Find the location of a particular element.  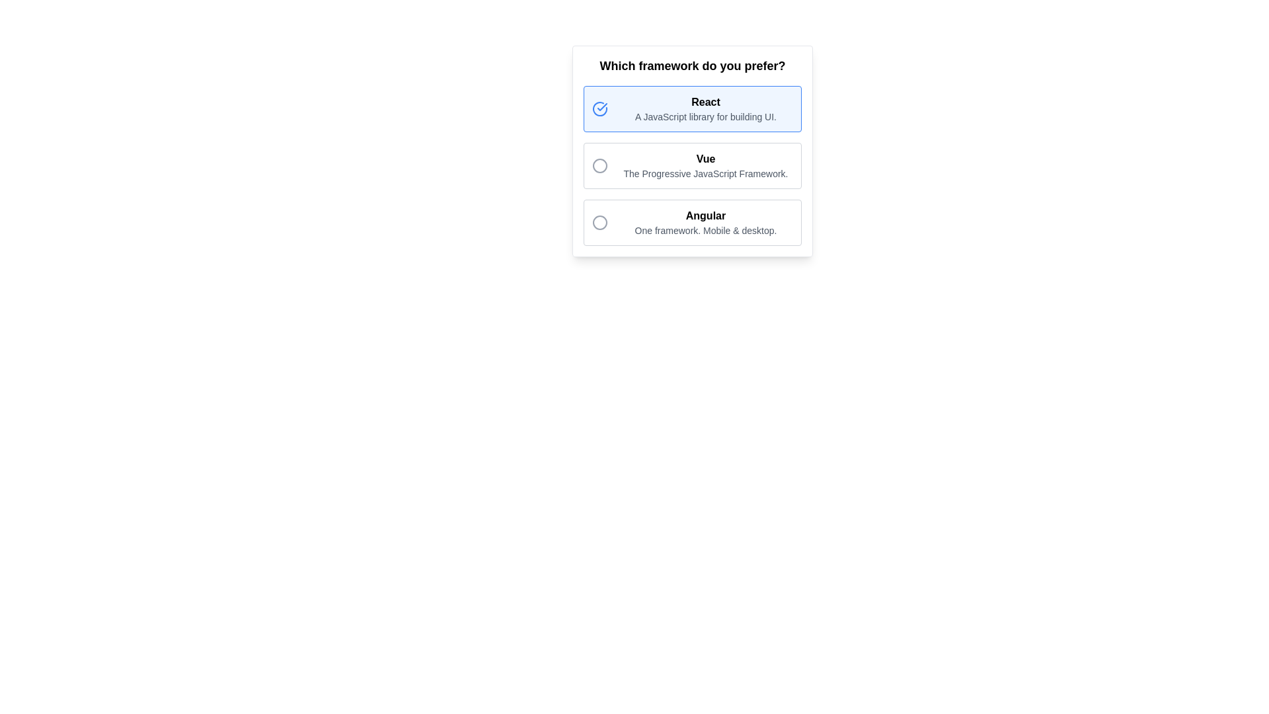

the Text Display that reads 'React' and 'A JavaScript library for building UI.' which is the main textual component of the topmost option in a vertical stack of framework options is located at coordinates (705, 108).